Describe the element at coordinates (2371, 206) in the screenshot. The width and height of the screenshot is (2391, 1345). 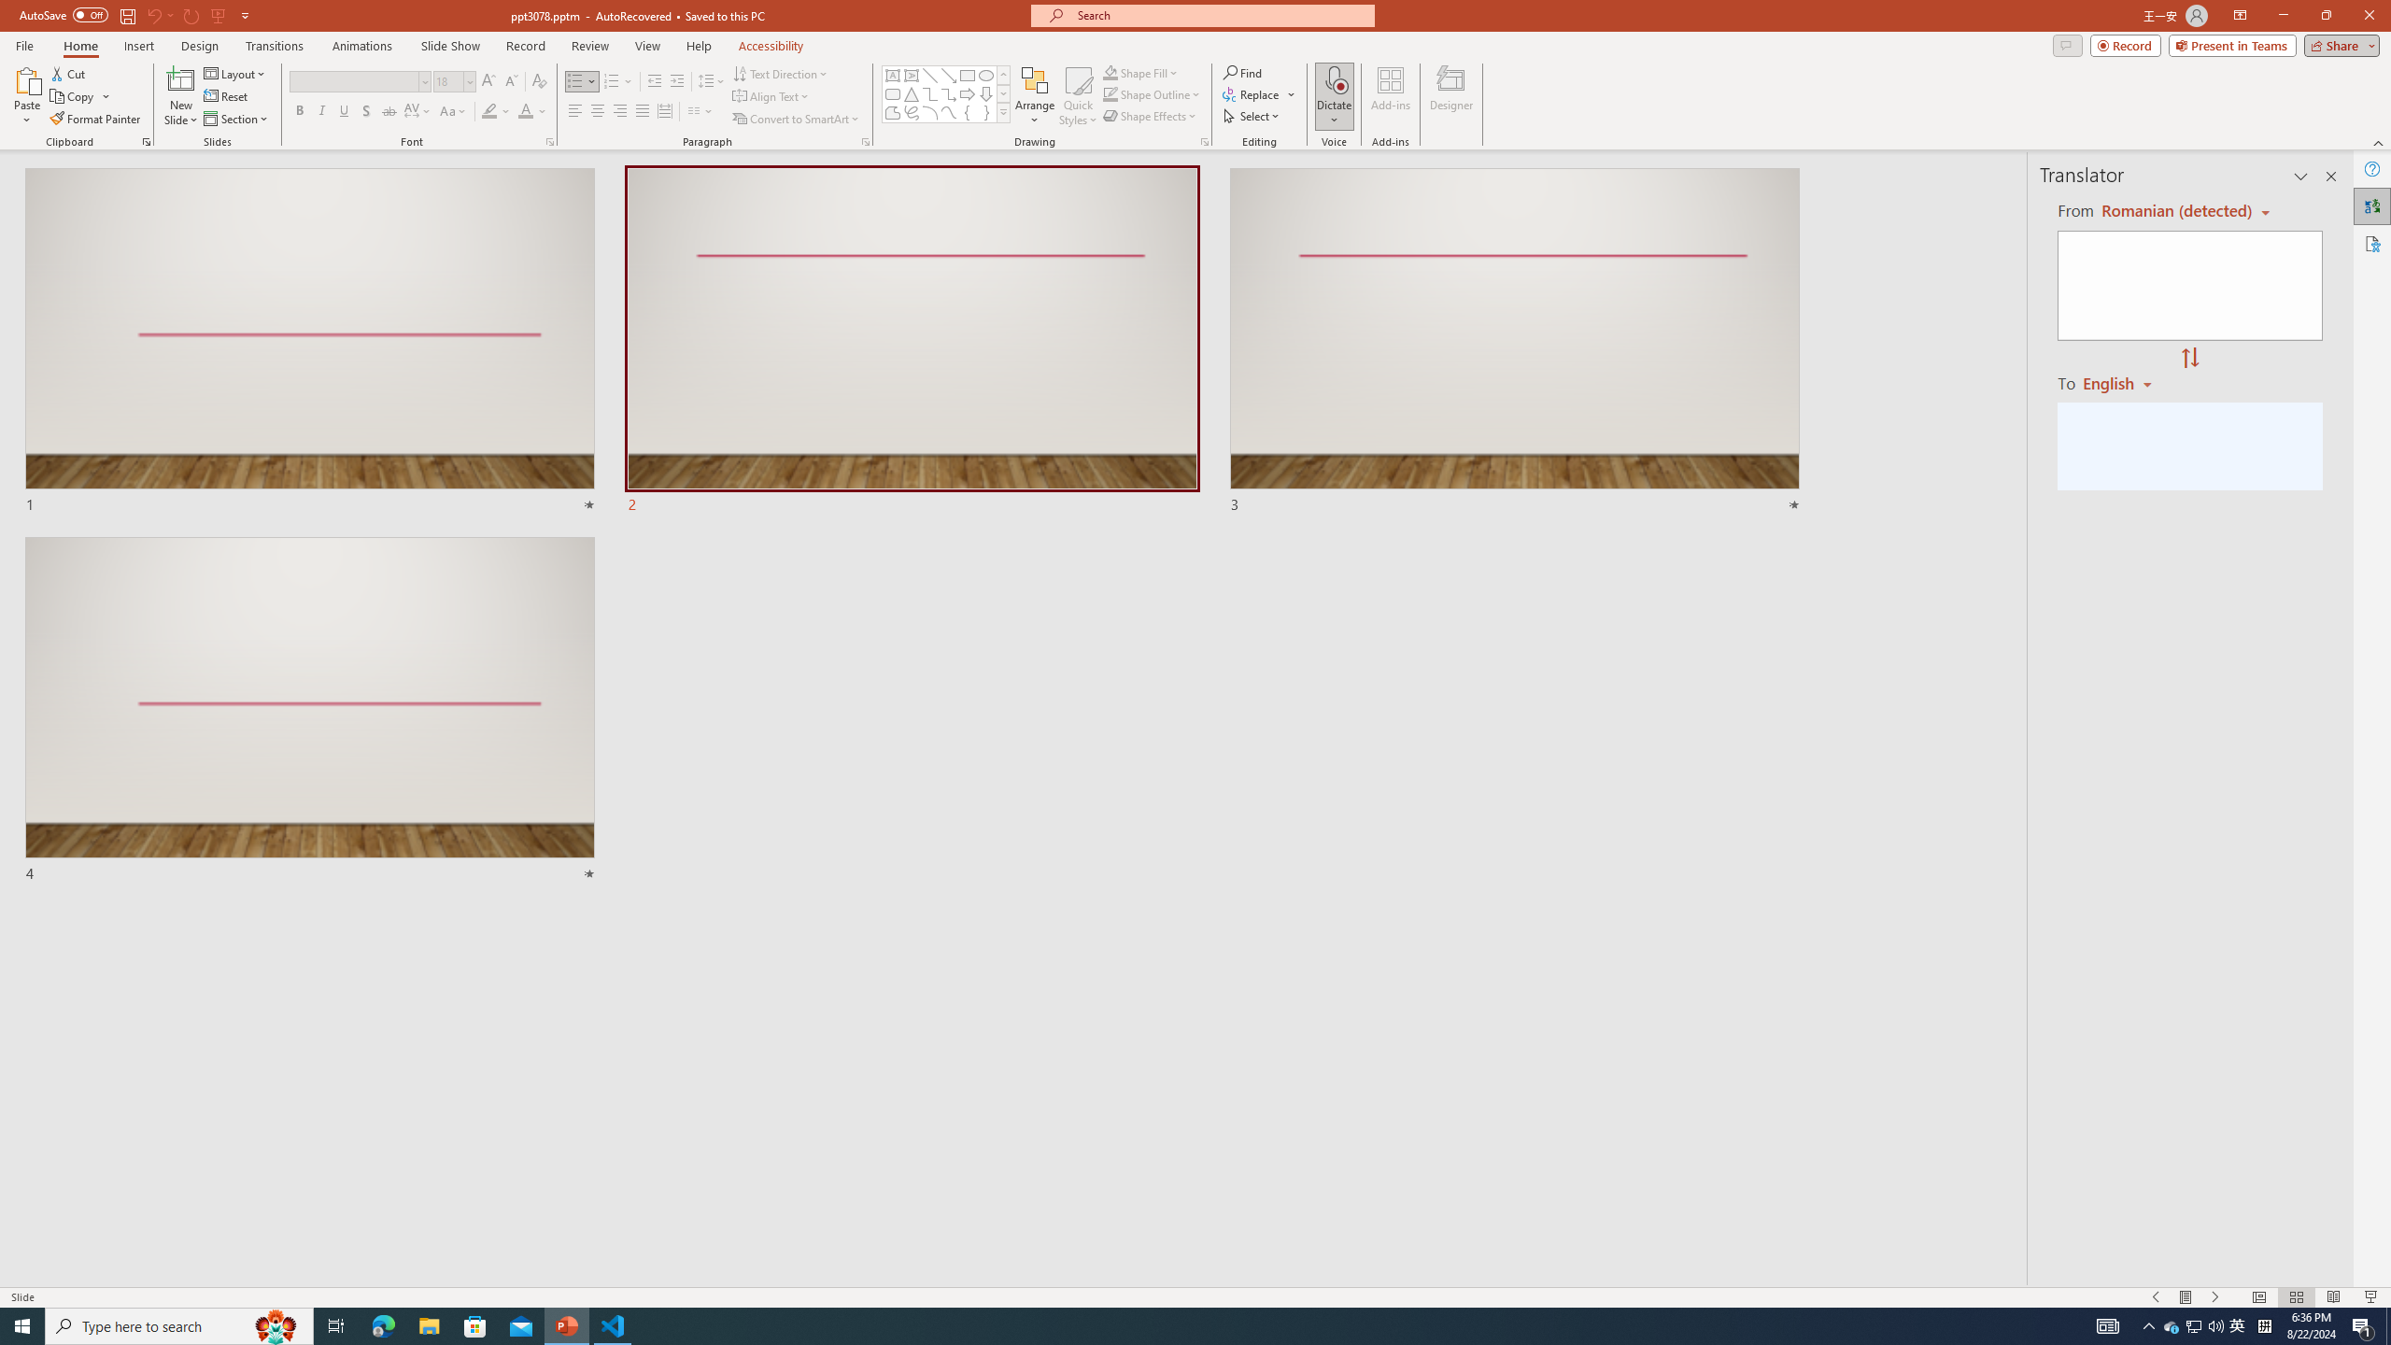
I see `'Translator'` at that location.